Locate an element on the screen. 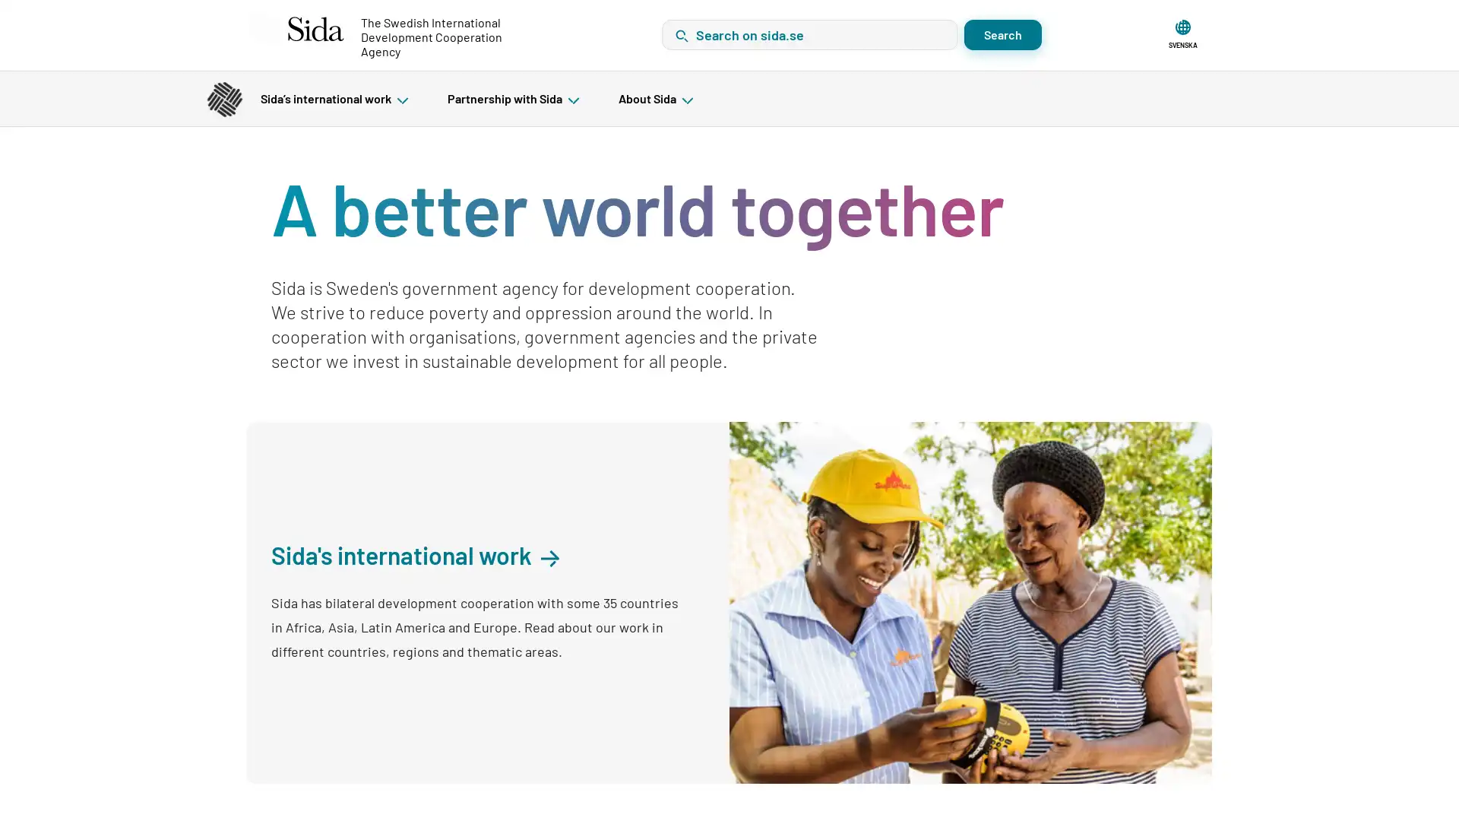  SVENSKA is located at coordinates (1182, 34).